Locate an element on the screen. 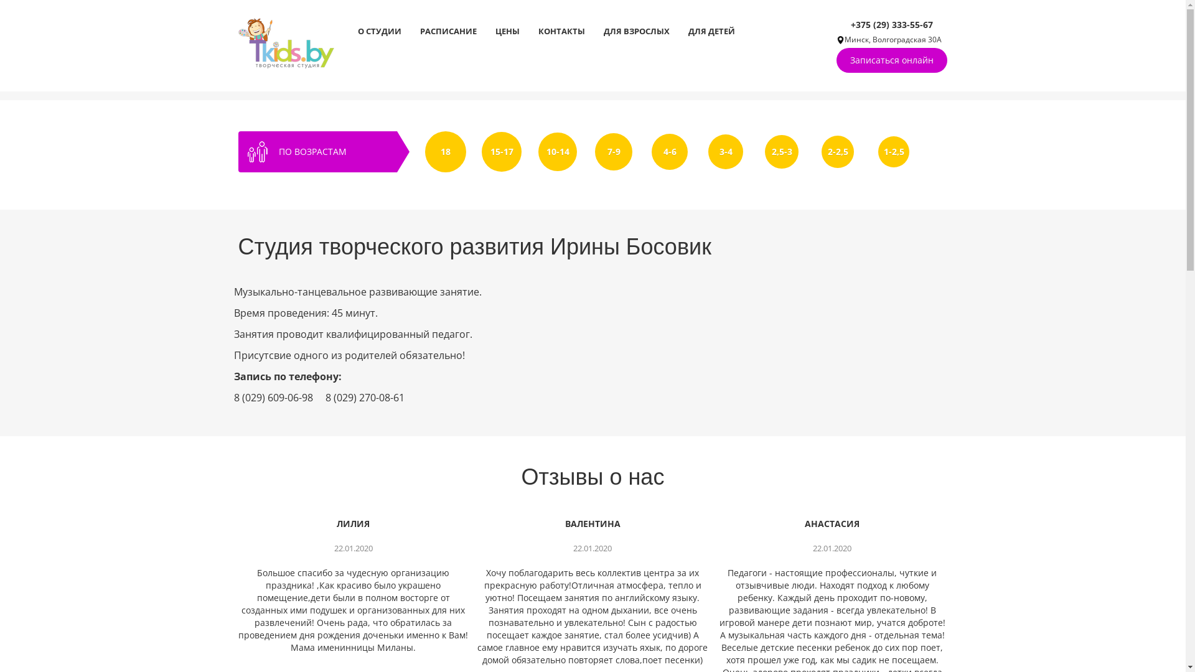 This screenshot has width=1195, height=672. '2-2,5' is located at coordinates (837, 151).